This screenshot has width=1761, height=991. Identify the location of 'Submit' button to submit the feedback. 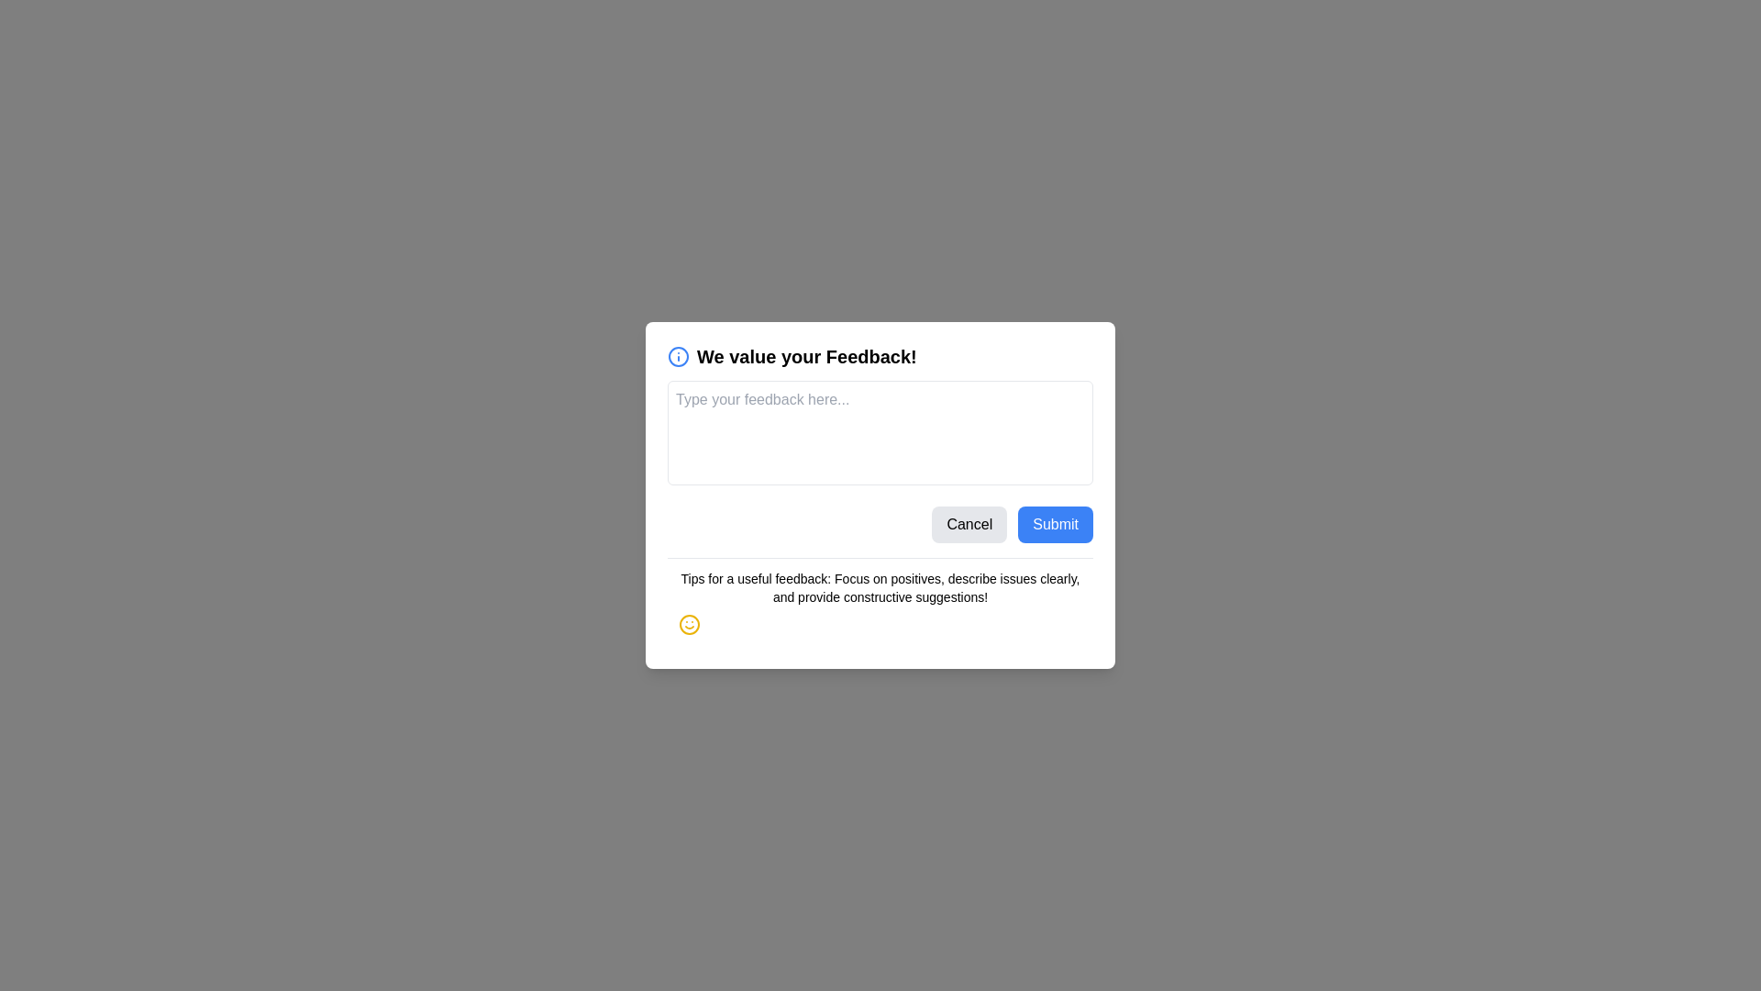
(1056, 524).